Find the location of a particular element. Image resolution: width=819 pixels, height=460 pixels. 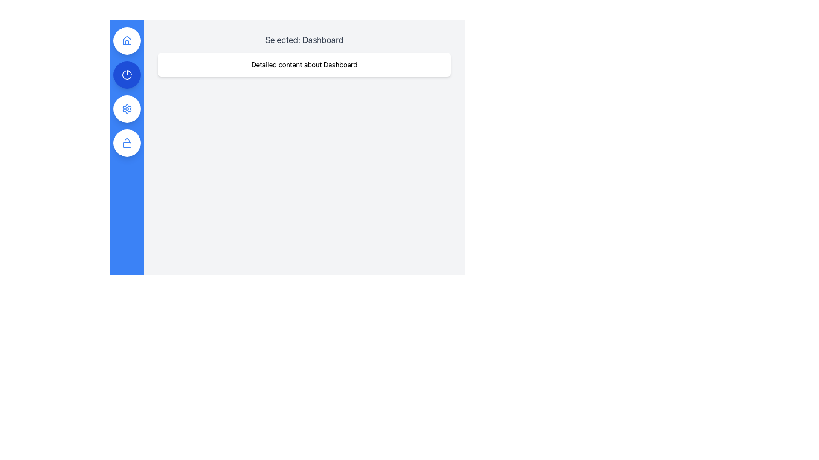

the 'Home' icon located at the top of the blue sidebar on the left is located at coordinates (126, 40).